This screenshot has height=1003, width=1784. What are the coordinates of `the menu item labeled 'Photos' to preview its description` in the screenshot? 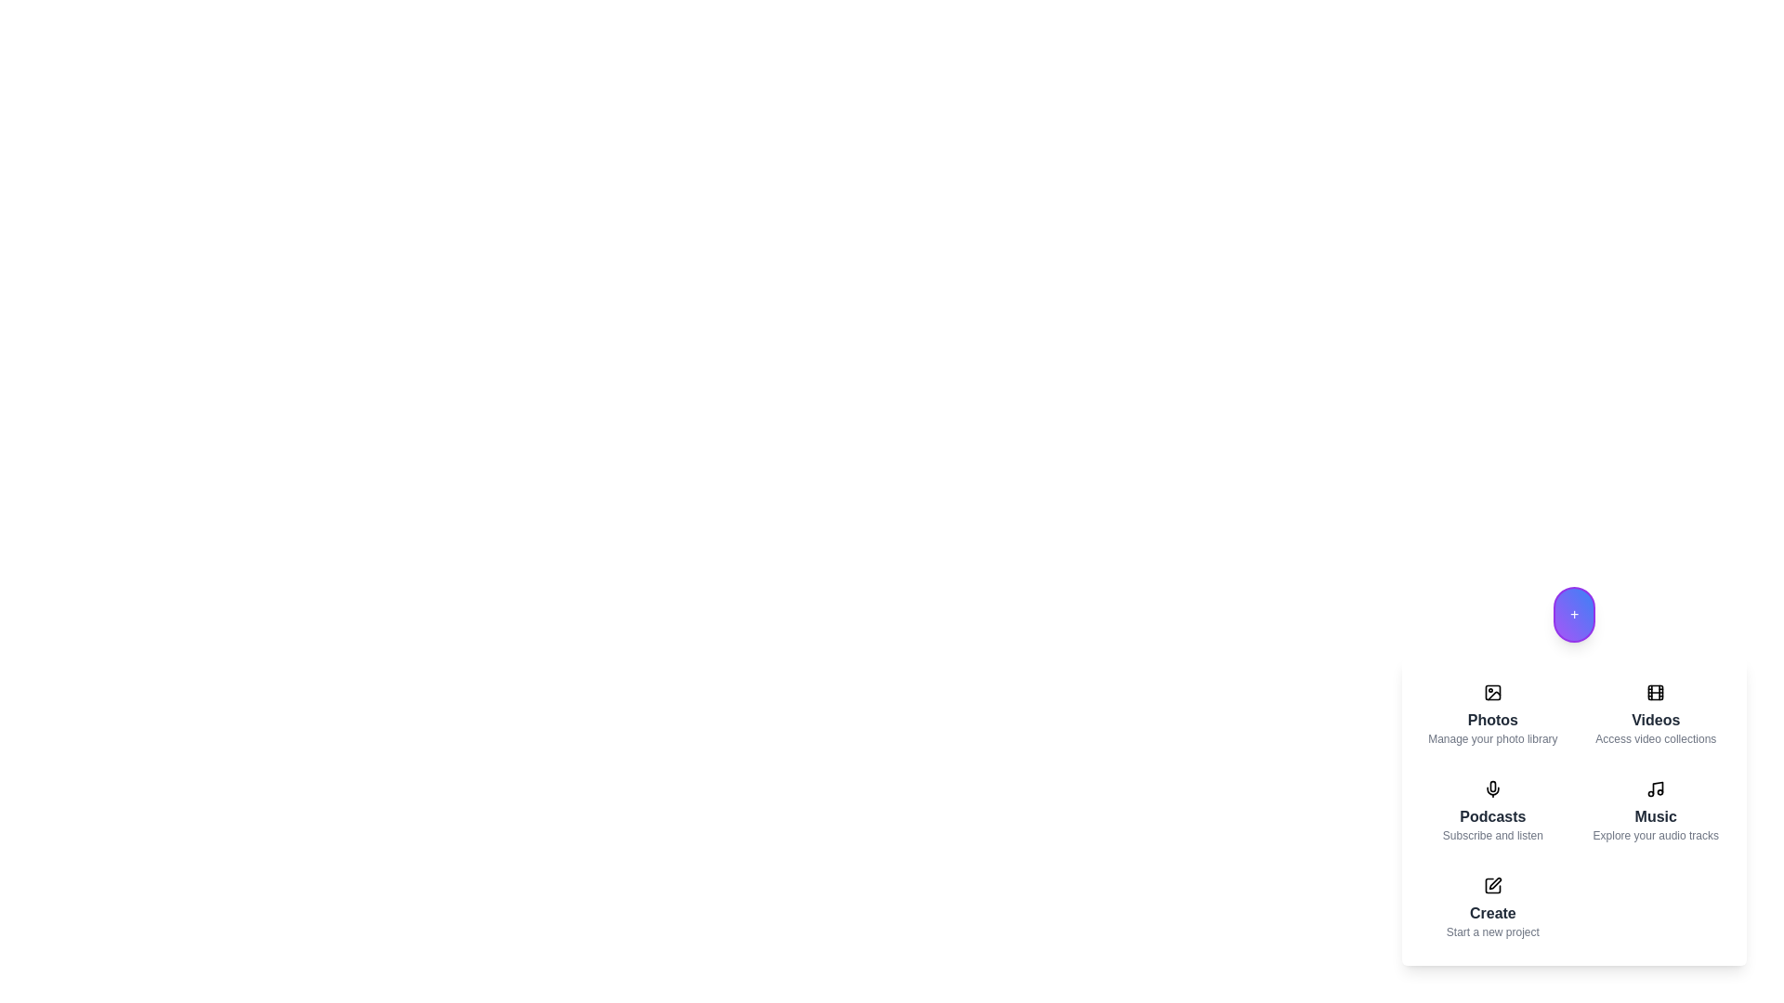 It's located at (1492, 714).